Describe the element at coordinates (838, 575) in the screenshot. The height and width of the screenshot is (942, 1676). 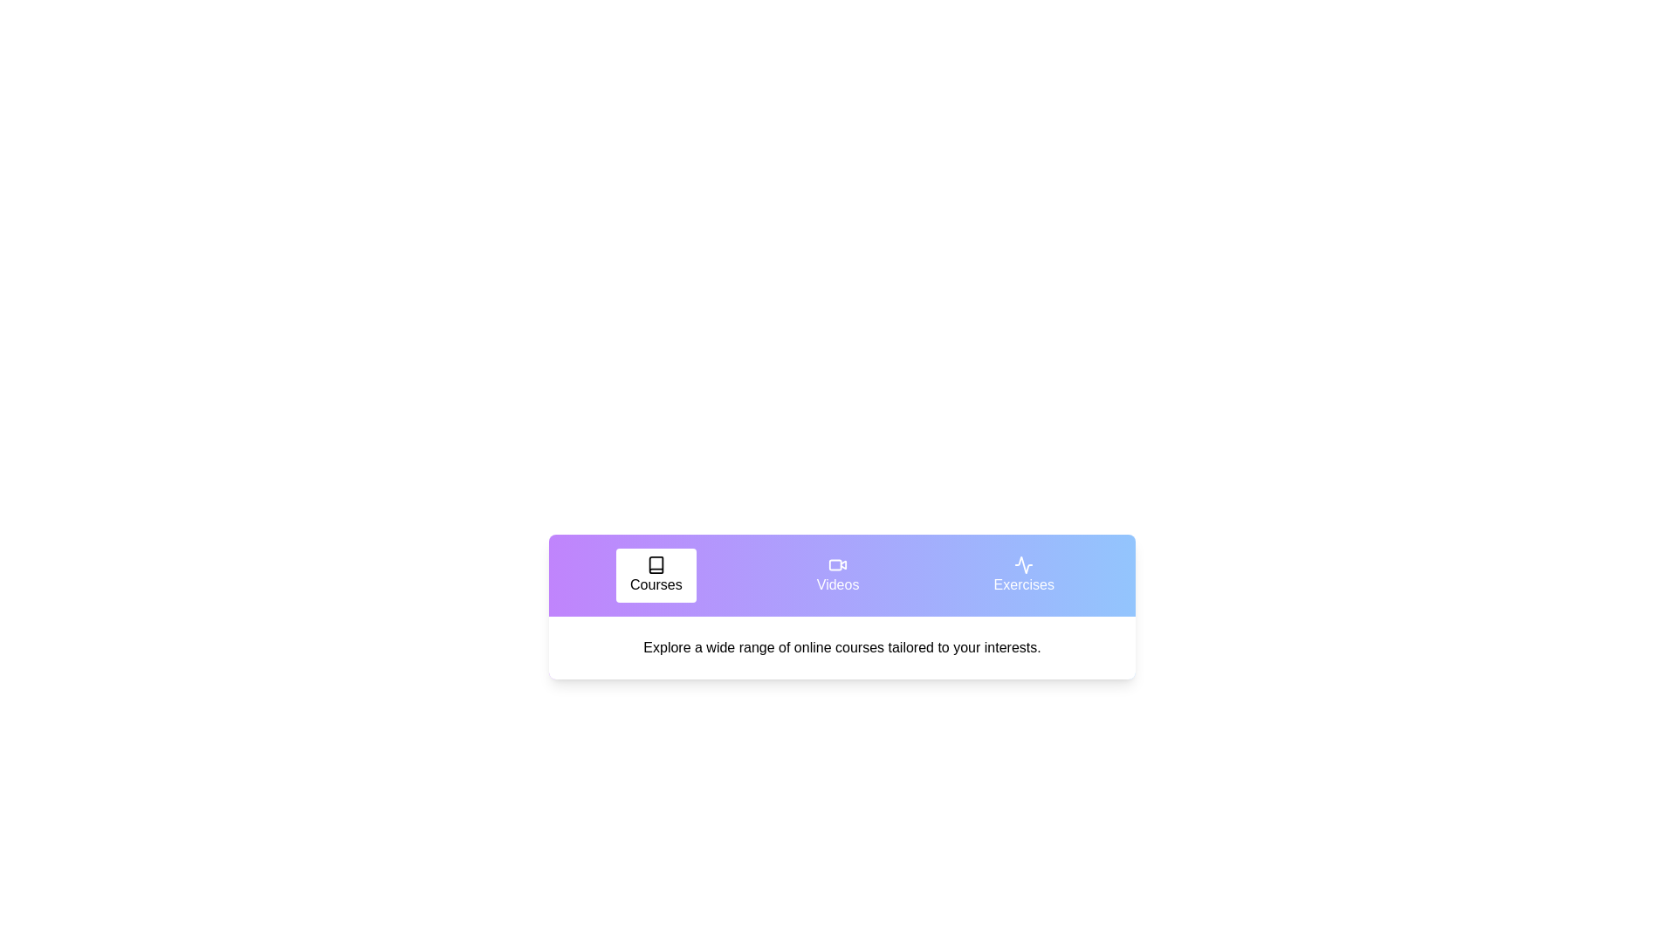
I see `the tab labeled Videos to observe hover effects` at that location.